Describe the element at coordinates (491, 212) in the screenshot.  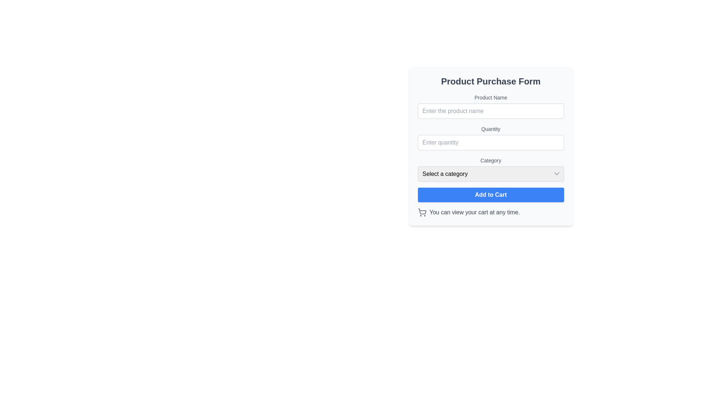
I see `the informational text element that provides a reminder about the availability of the cart, located below the 'Add to Cart' button` at that location.